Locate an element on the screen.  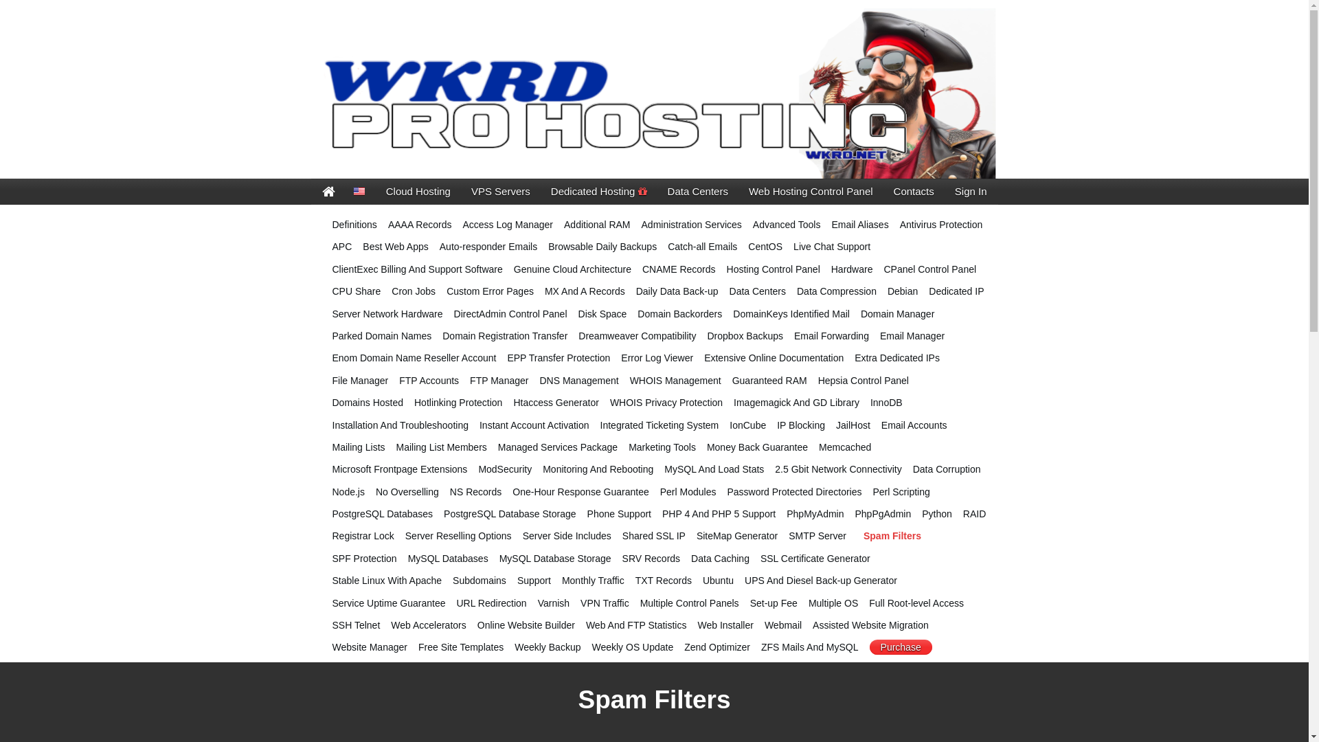
'Dreamweaver Compatibility' is located at coordinates (578, 336).